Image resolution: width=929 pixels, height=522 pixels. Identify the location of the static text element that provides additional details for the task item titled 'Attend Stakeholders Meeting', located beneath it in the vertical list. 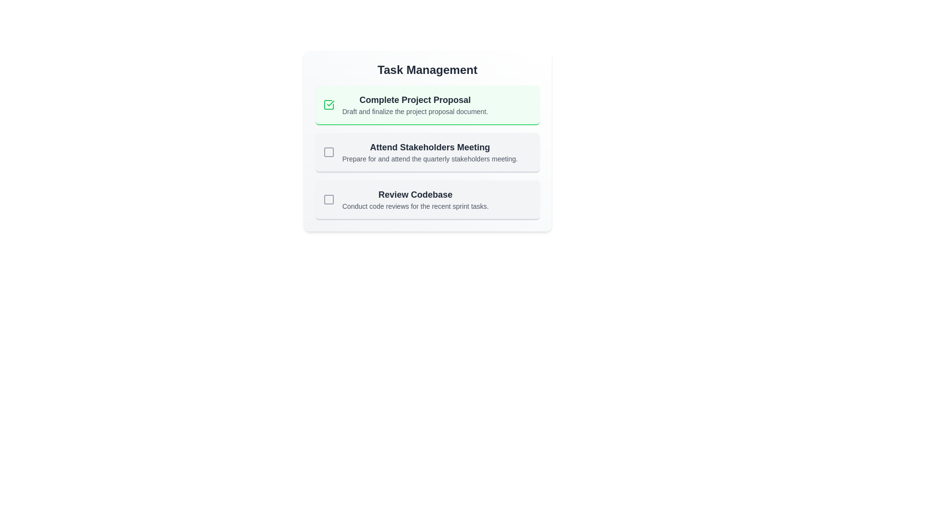
(429, 158).